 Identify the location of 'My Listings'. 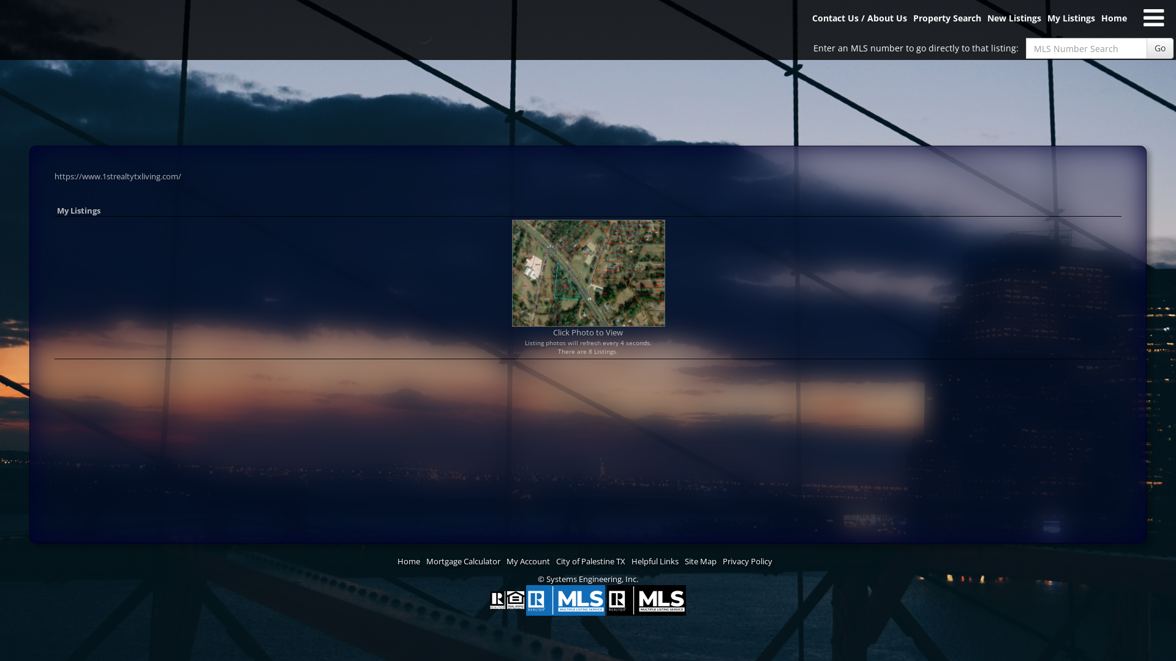
(1070, 23).